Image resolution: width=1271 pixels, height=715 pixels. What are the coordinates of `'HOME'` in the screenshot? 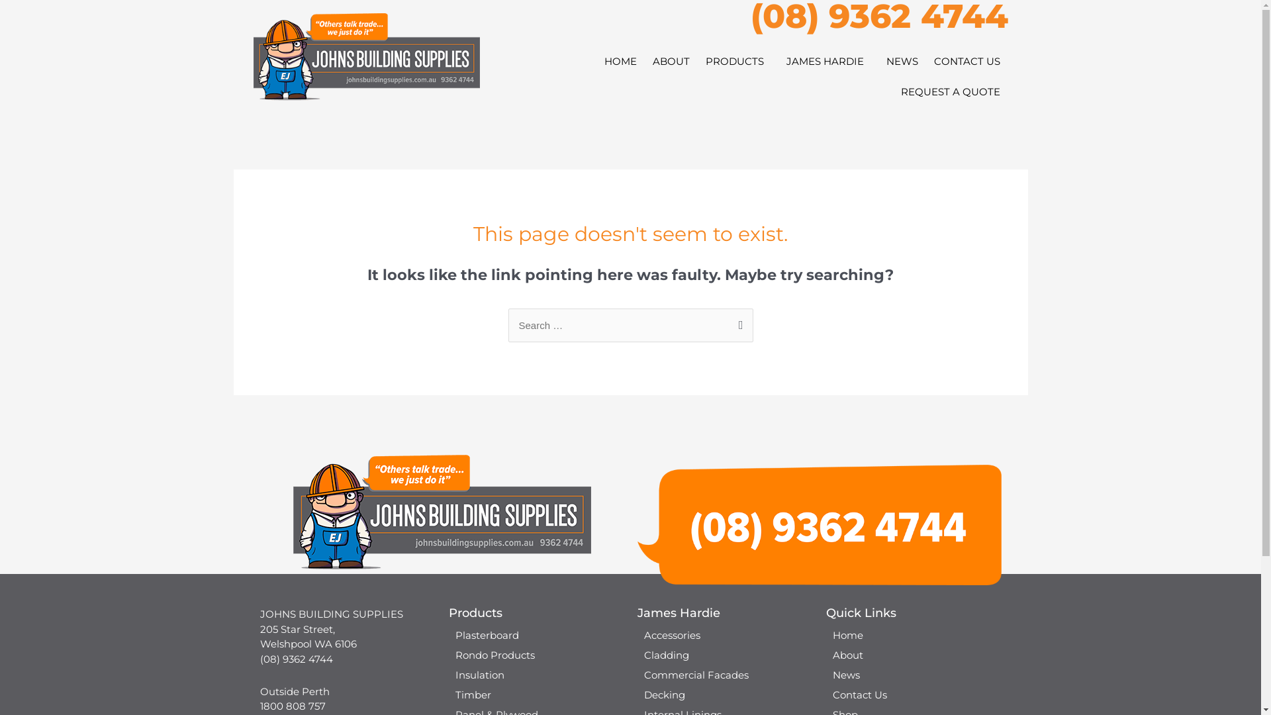 It's located at (619, 61).